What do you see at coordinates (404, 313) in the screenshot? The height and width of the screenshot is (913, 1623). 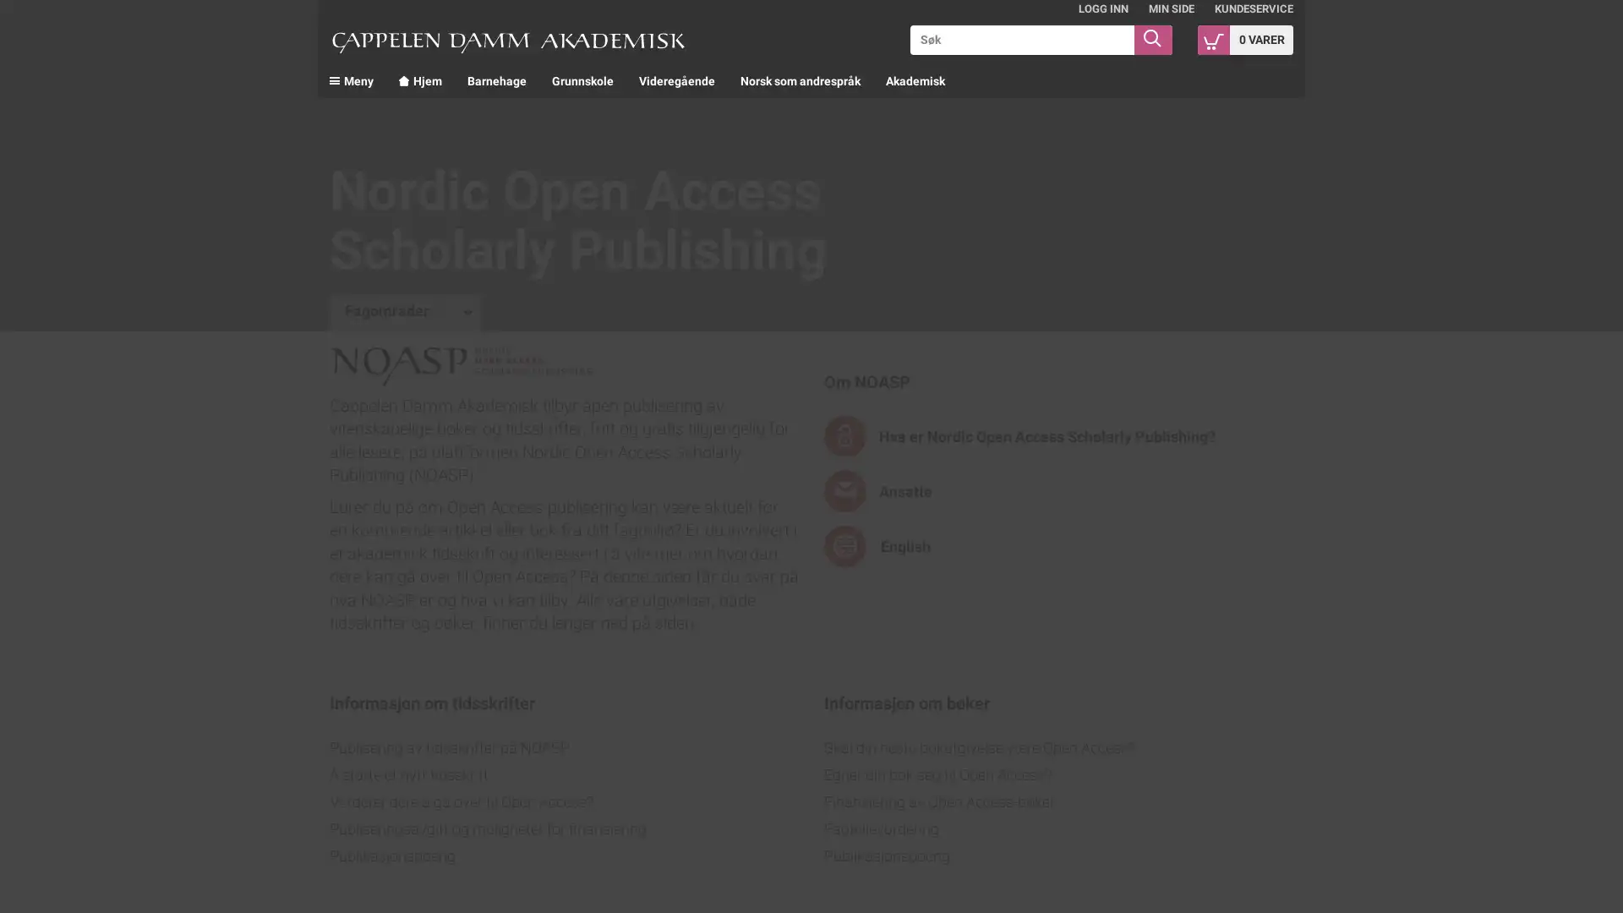 I see `Fagomrader` at bounding box center [404, 313].